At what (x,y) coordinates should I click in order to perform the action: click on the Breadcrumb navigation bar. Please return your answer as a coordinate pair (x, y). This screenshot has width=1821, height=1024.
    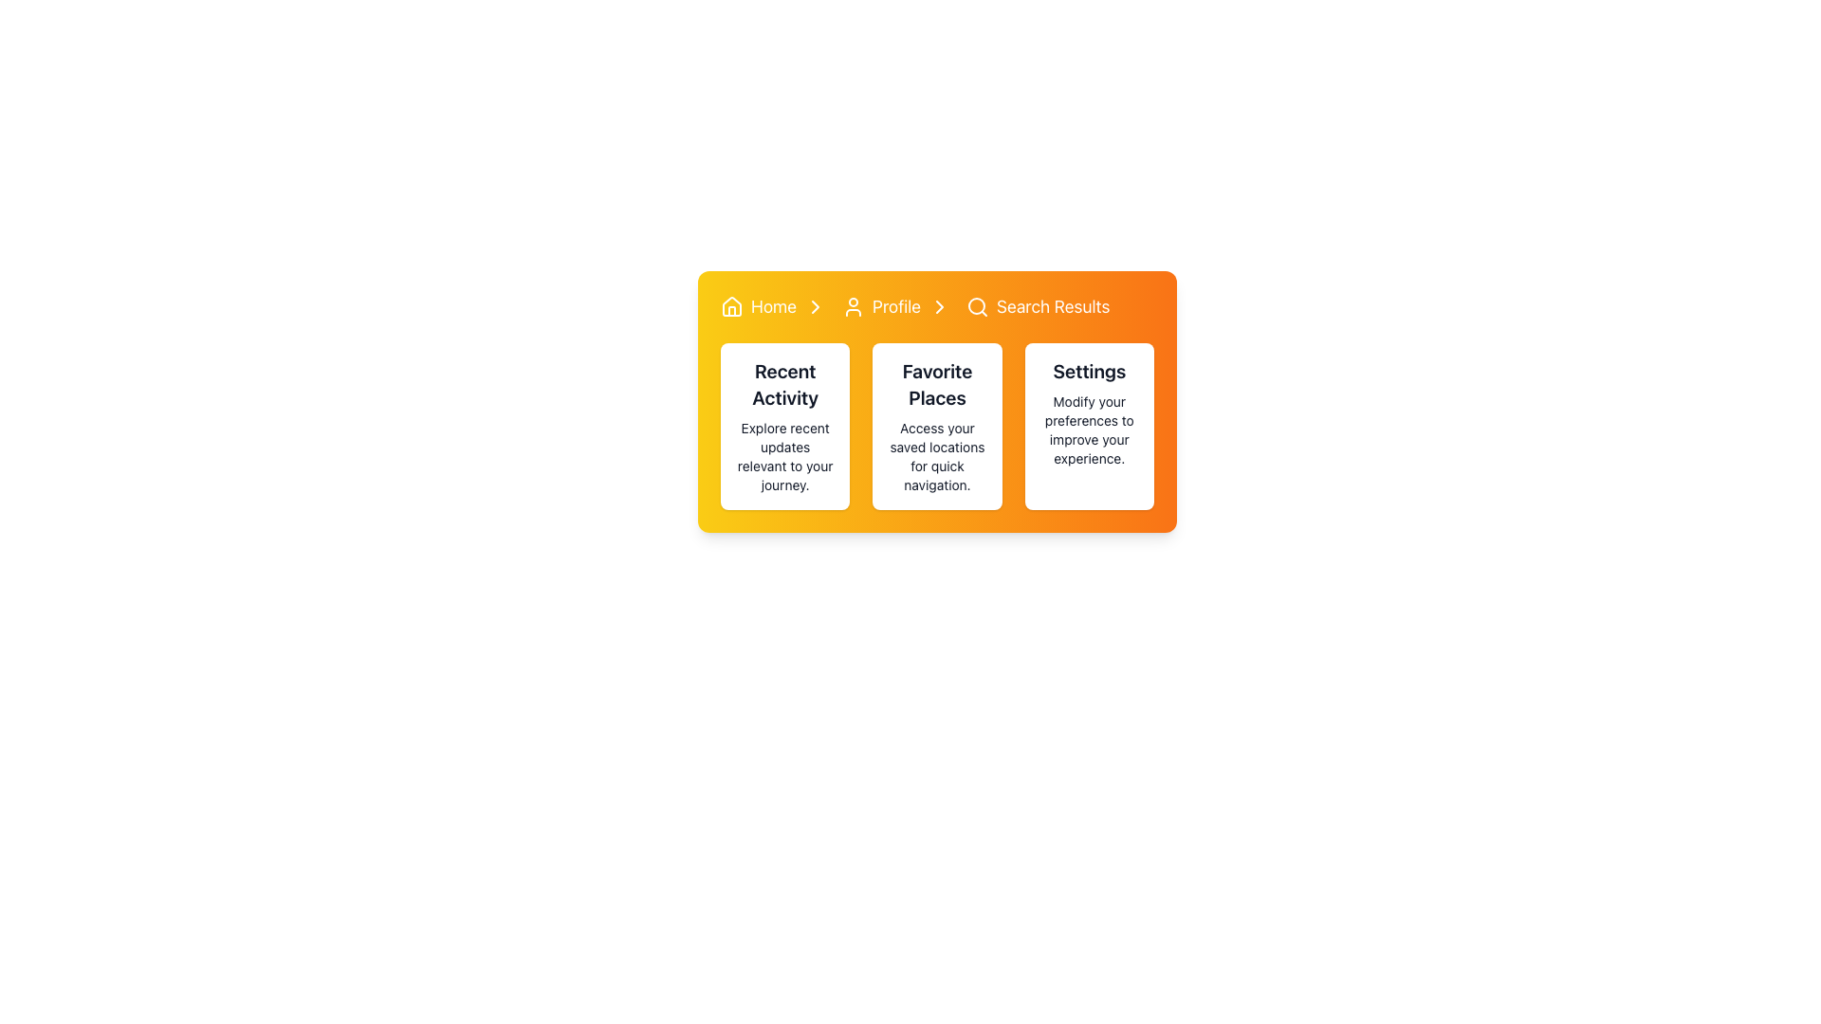
    Looking at the image, I should click on (937, 306).